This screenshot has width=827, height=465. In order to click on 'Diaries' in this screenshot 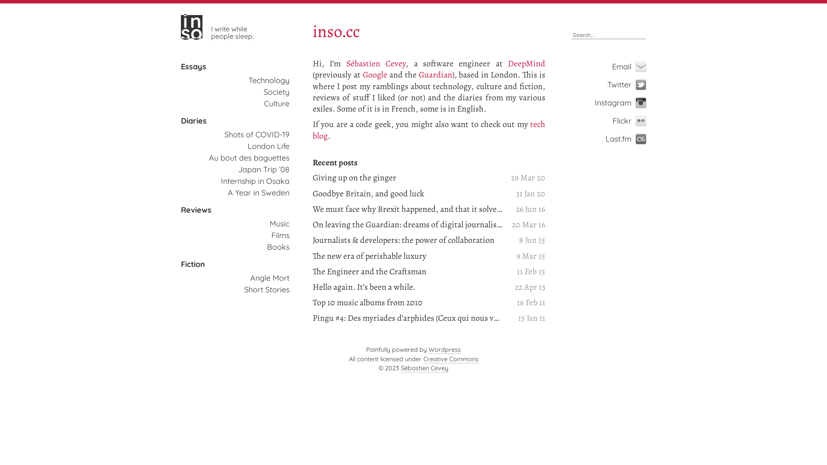, I will do `click(193, 121)`.